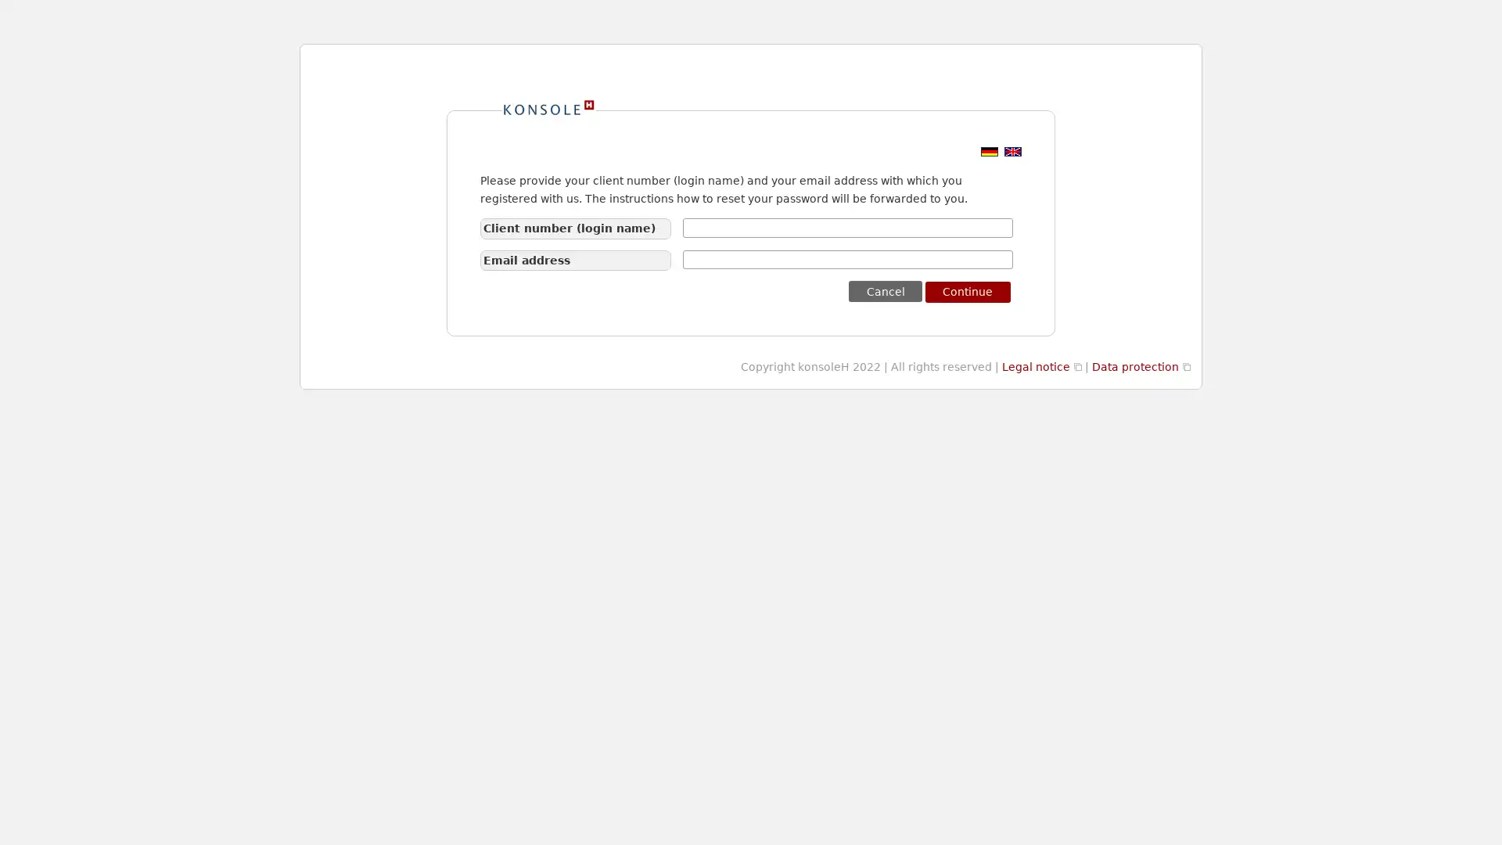 The width and height of the screenshot is (1502, 845). I want to click on Continue, so click(967, 292).